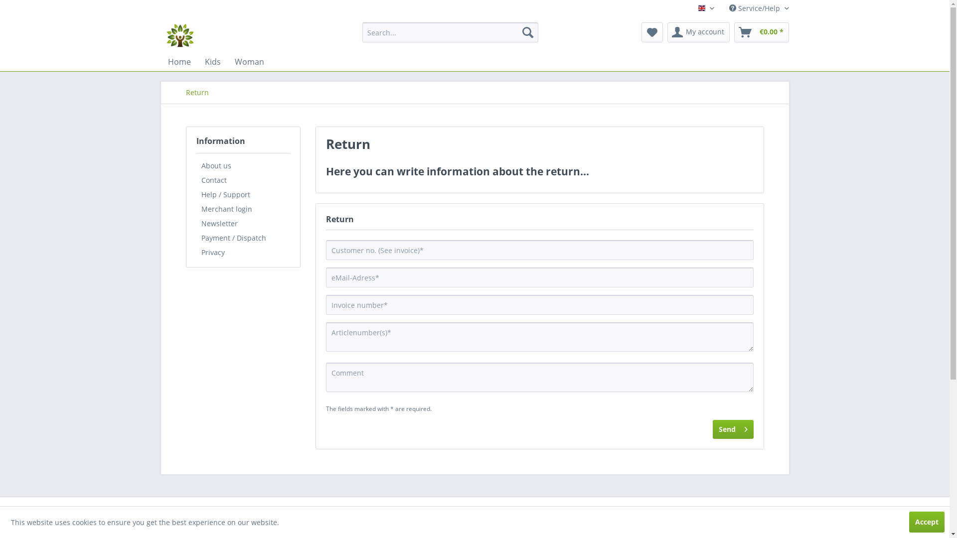 The image size is (957, 538). What do you see at coordinates (243, 238) in the screenshot?
I see `'Payment / Dispatch'` at bounding box center [243, 238].